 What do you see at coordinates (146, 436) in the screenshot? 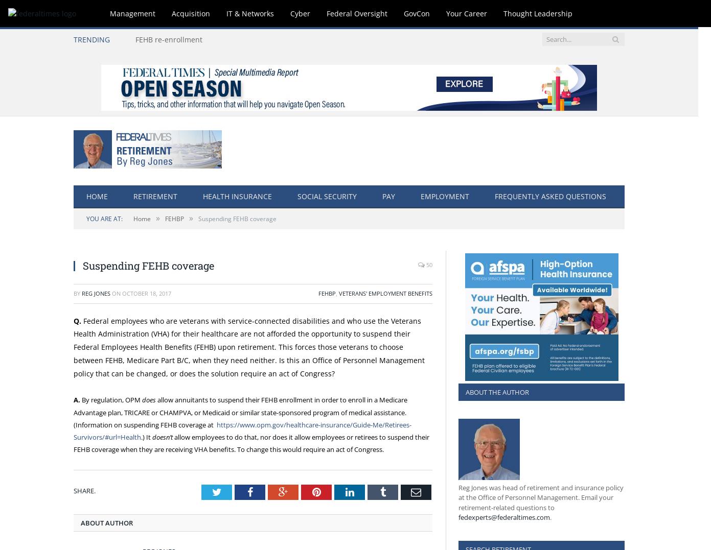
I see `'.) It'` at bounding box center [146, 436].